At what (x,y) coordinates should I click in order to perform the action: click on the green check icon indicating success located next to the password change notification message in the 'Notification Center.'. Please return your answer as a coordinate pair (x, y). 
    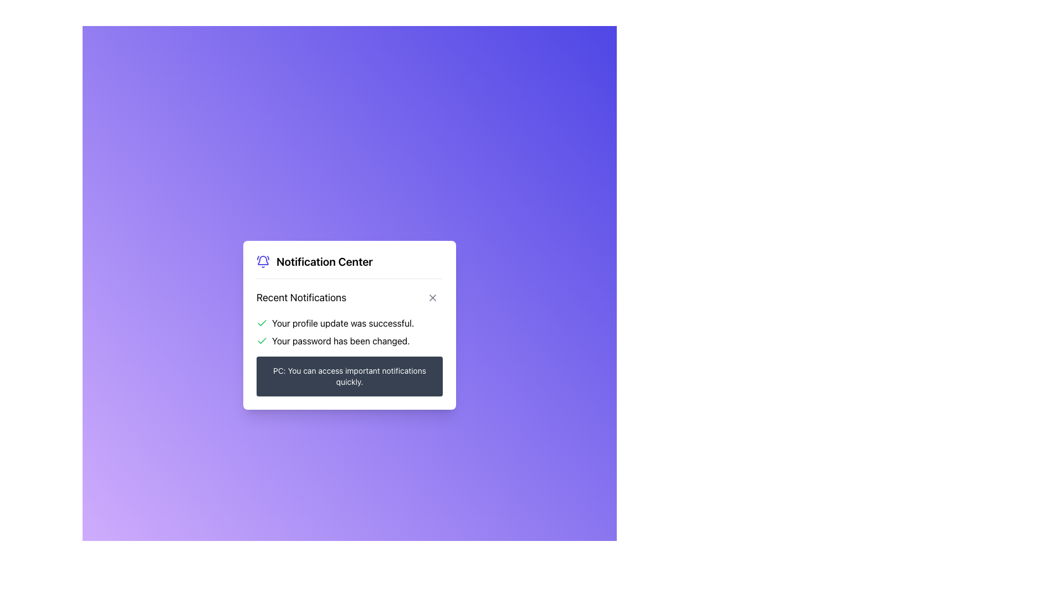
    Looking at the image, I should click on (262, 339).